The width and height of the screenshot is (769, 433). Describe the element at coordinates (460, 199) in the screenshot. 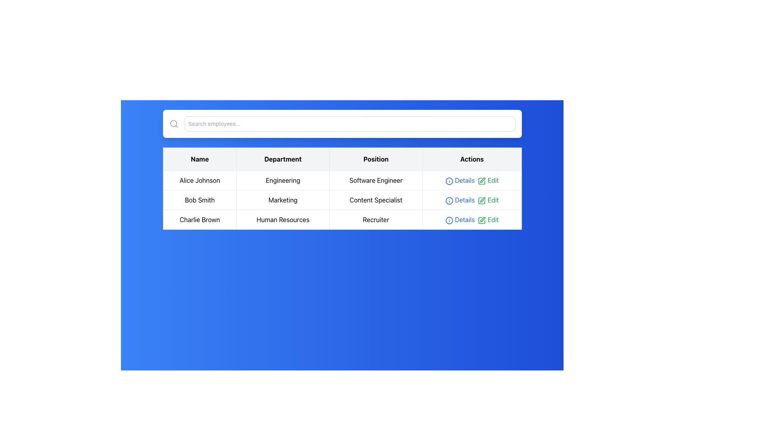

I see `the first hyperlink in the 'Actions' column of the second row` at that location.